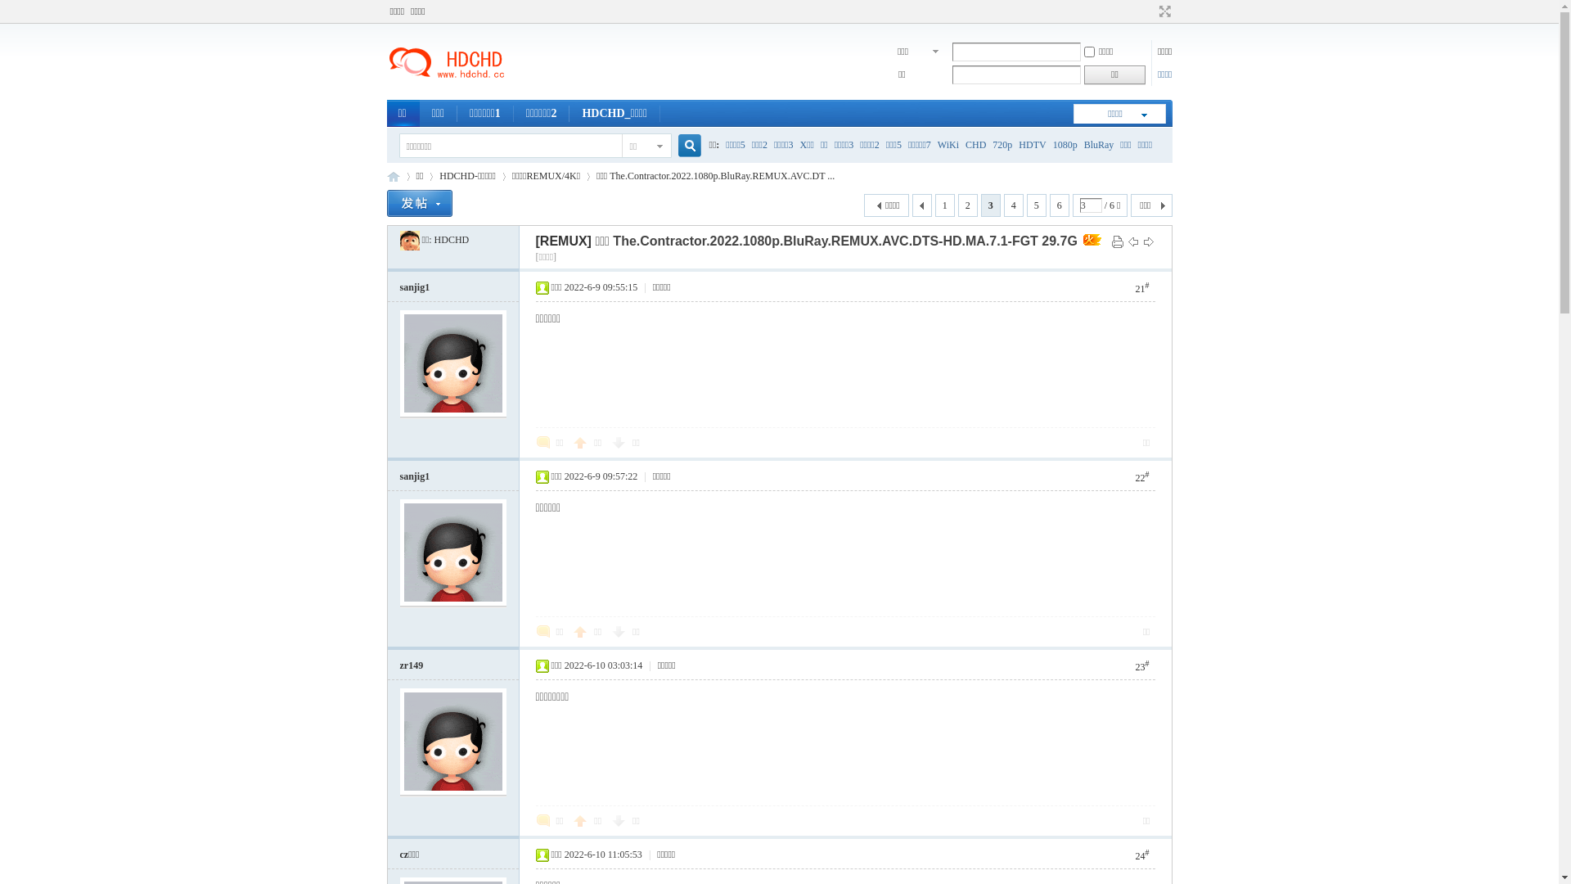 This screenshot has width=1571, height=884. Describe the element at coordinates (452, 240) in the screenshot. I see `'HDCHD'` at that location.